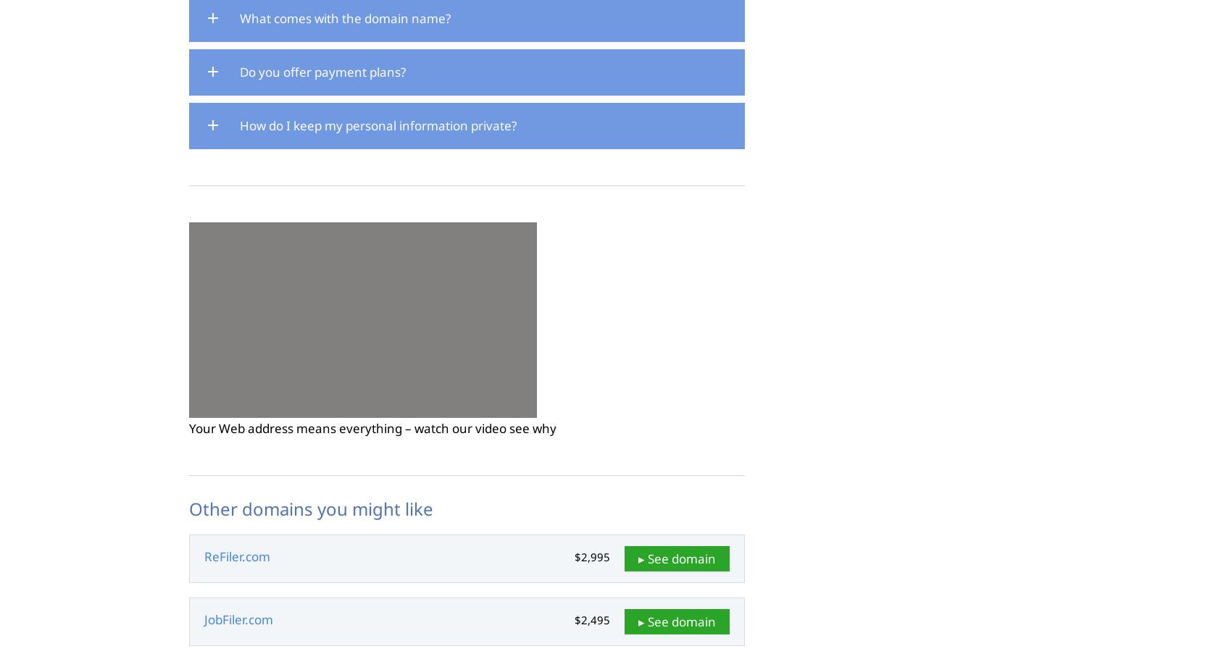 This screenshot has height=654, width=1226. Describe the element at coordinates (575, 620) in the screenshot. I see `'$2,495'` at that location.